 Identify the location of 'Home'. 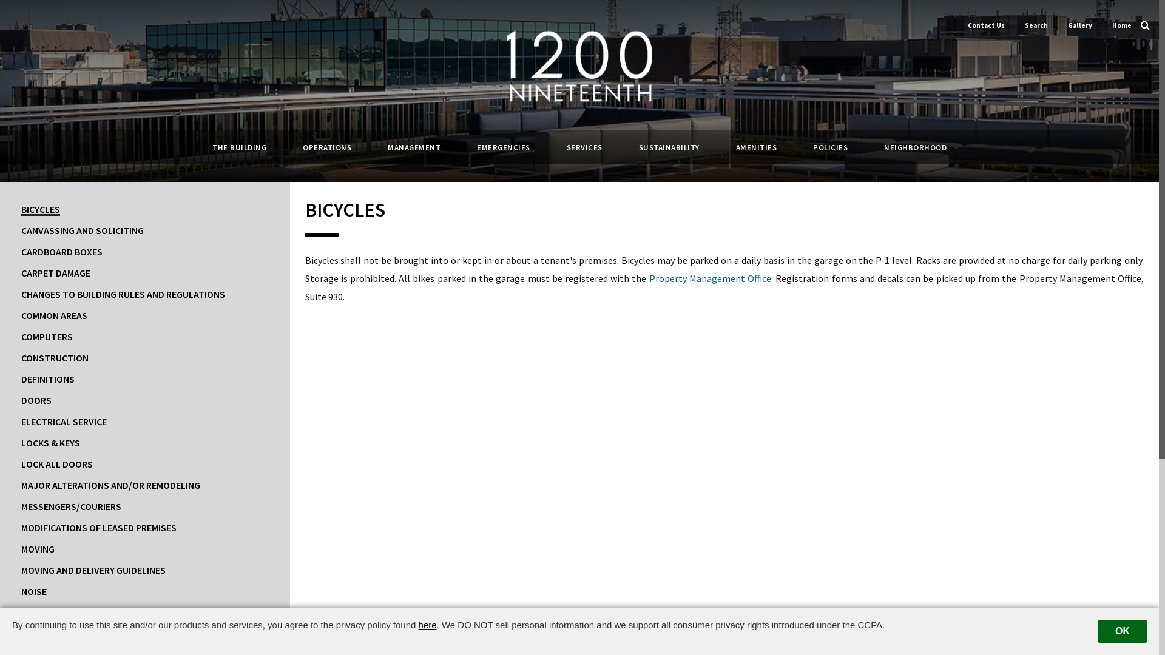
(1121, 25).